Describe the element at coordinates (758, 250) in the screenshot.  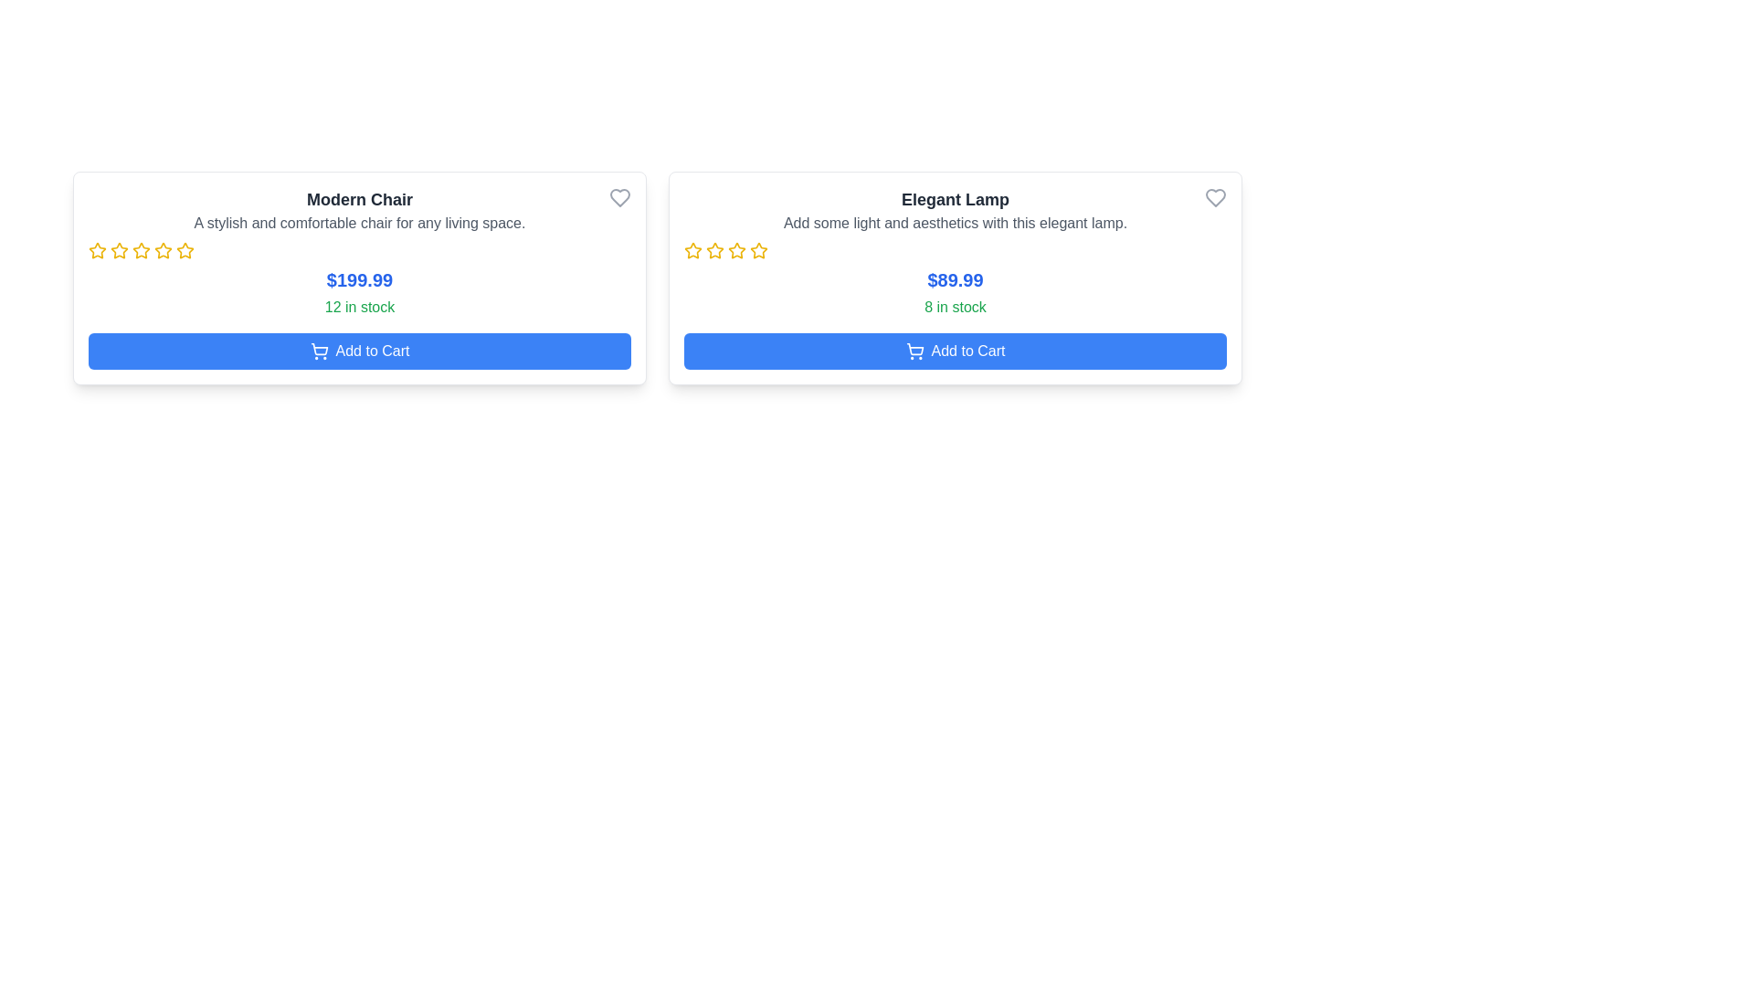
I see `the fourth rating star in the rating section of the 'Elegant Lamp' product card` at that location.